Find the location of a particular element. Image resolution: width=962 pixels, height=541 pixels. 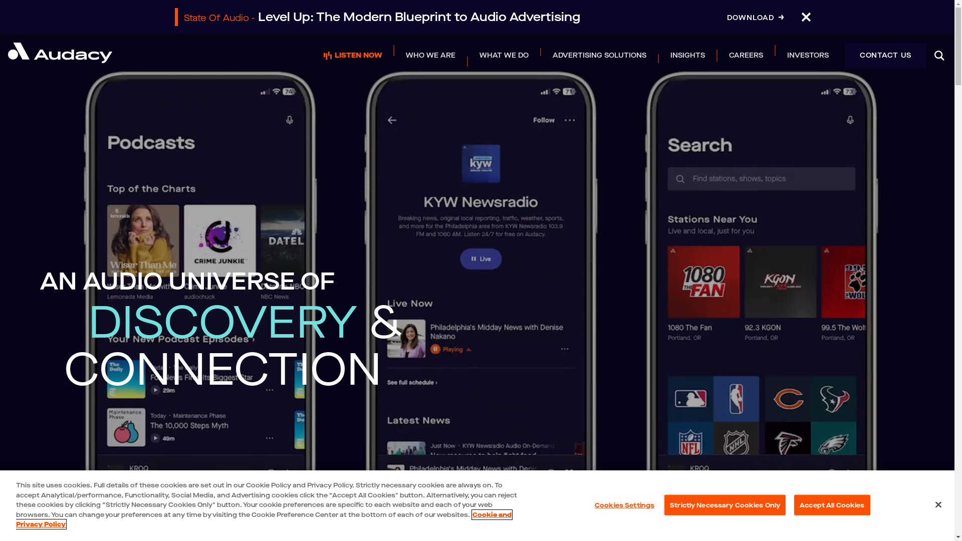

'INSIGHTS' is located at coordinates (687, 55).